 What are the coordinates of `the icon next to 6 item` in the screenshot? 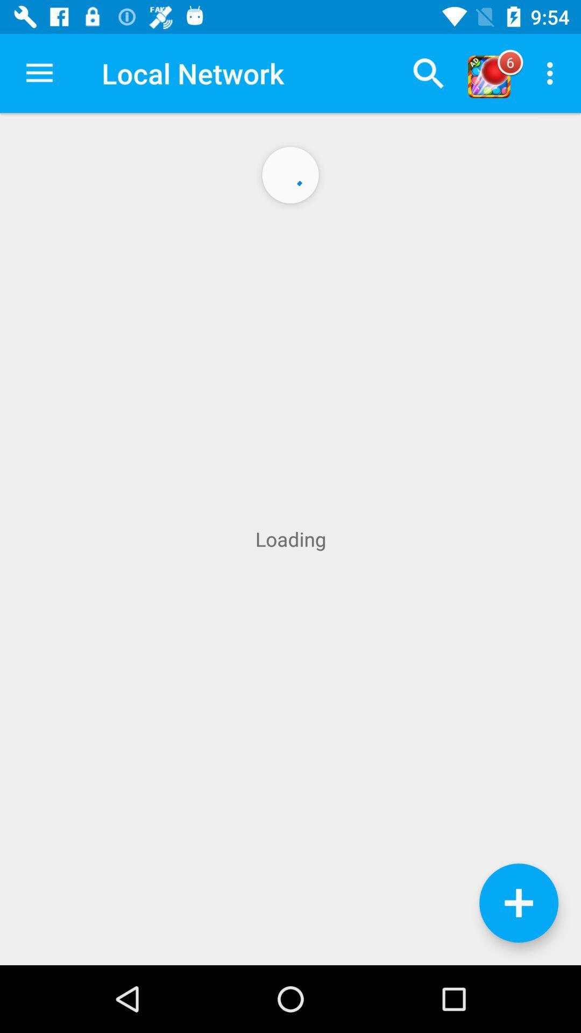 It's located at (552, 73).